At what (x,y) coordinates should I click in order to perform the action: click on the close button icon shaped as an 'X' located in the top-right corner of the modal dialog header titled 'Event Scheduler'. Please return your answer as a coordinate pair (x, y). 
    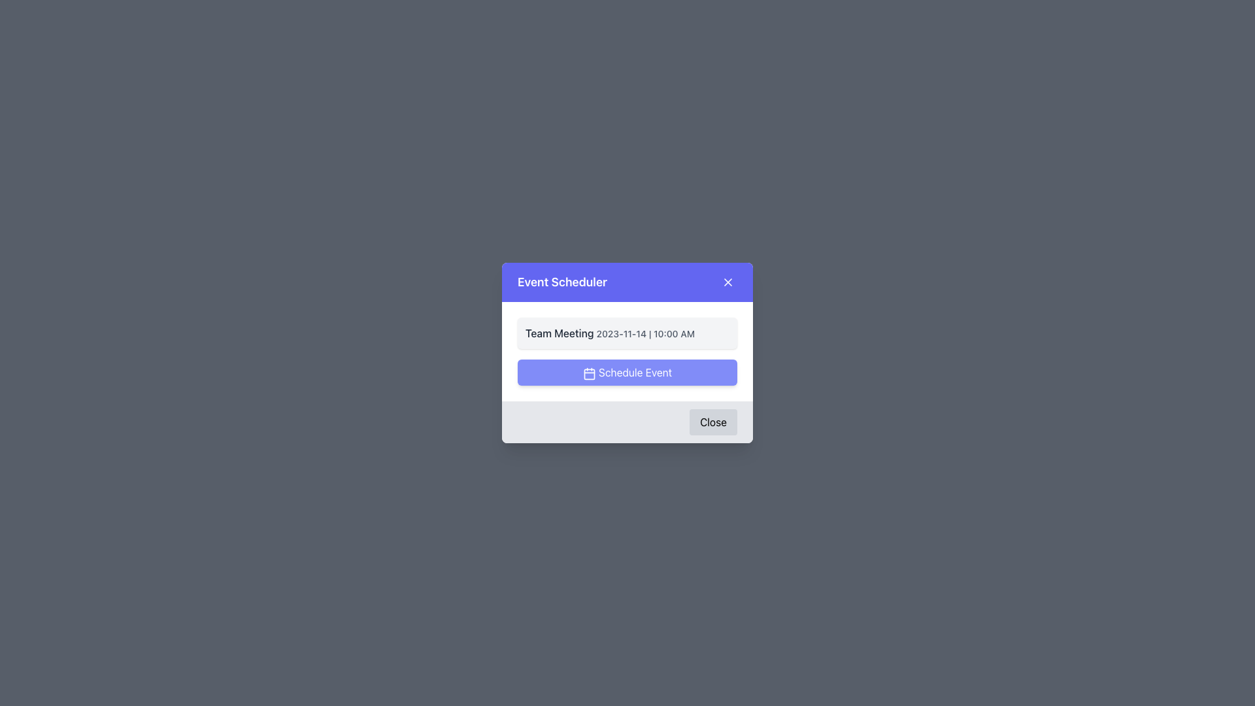
    Looking at the image, I should click on (727, 282).